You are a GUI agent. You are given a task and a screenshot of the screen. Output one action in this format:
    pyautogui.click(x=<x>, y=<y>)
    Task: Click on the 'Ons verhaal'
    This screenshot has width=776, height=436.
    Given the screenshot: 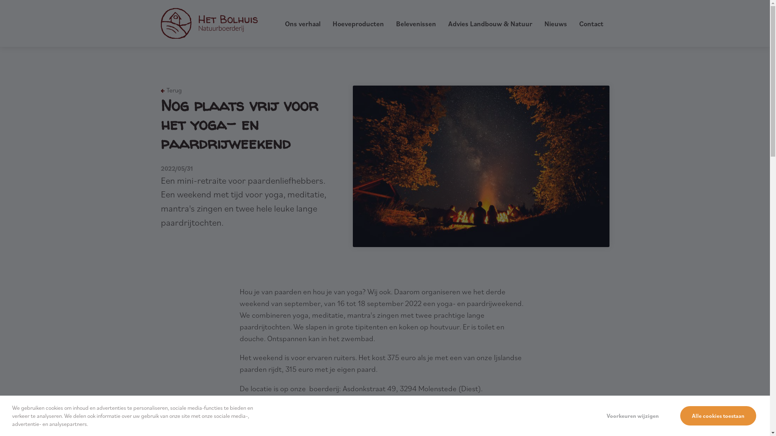 What is the action you would take?
    pyautogui.click(x=302, y=23)
    